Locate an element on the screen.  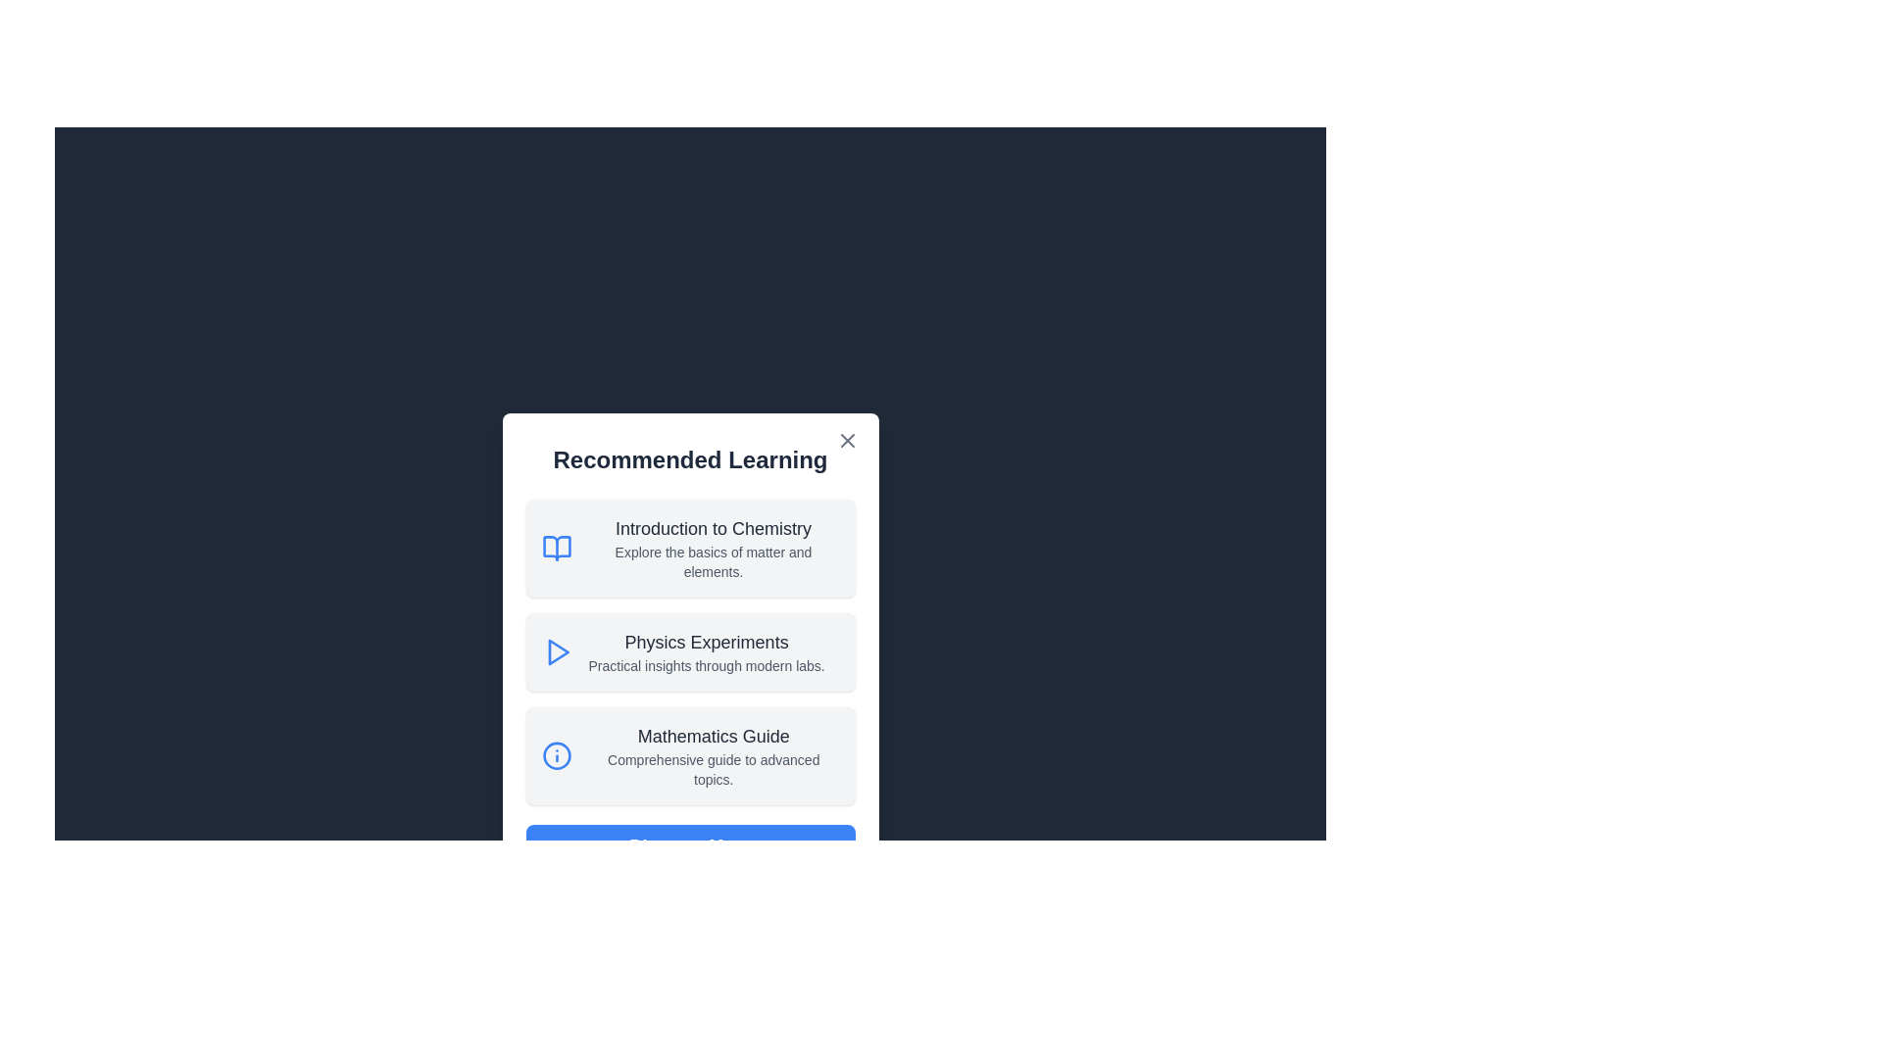
text section titled 'Physics Experiments' which contains the lines 'Physics Experiments' and 'Practical insights through modern labs.' is located at coordinates (706, 652).